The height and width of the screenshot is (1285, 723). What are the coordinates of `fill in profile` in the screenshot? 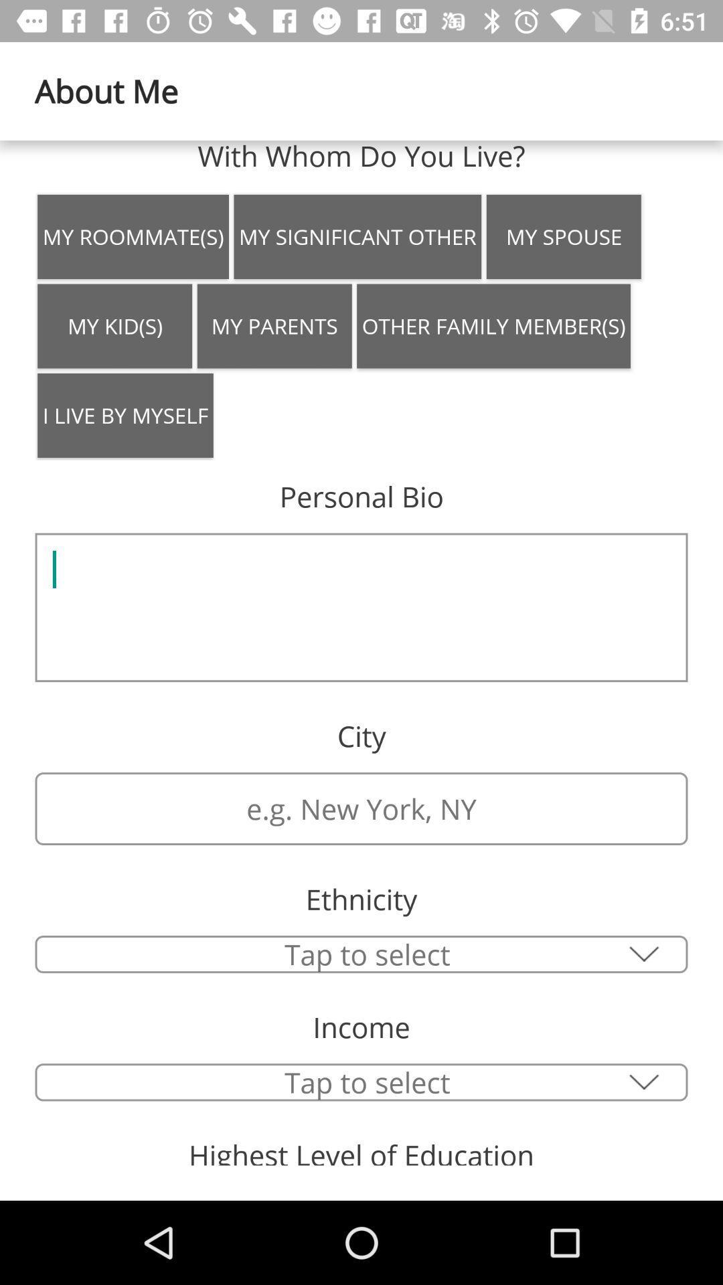 It's located at (361, 606).